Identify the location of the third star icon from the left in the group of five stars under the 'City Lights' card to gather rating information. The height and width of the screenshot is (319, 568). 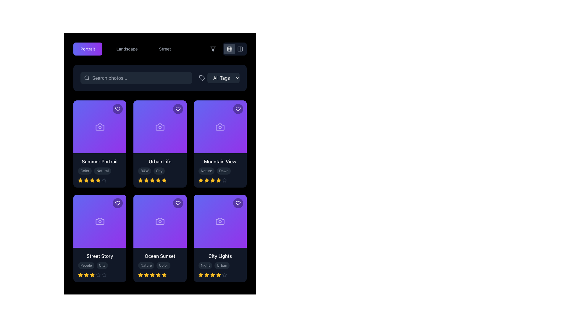
(206, 275).